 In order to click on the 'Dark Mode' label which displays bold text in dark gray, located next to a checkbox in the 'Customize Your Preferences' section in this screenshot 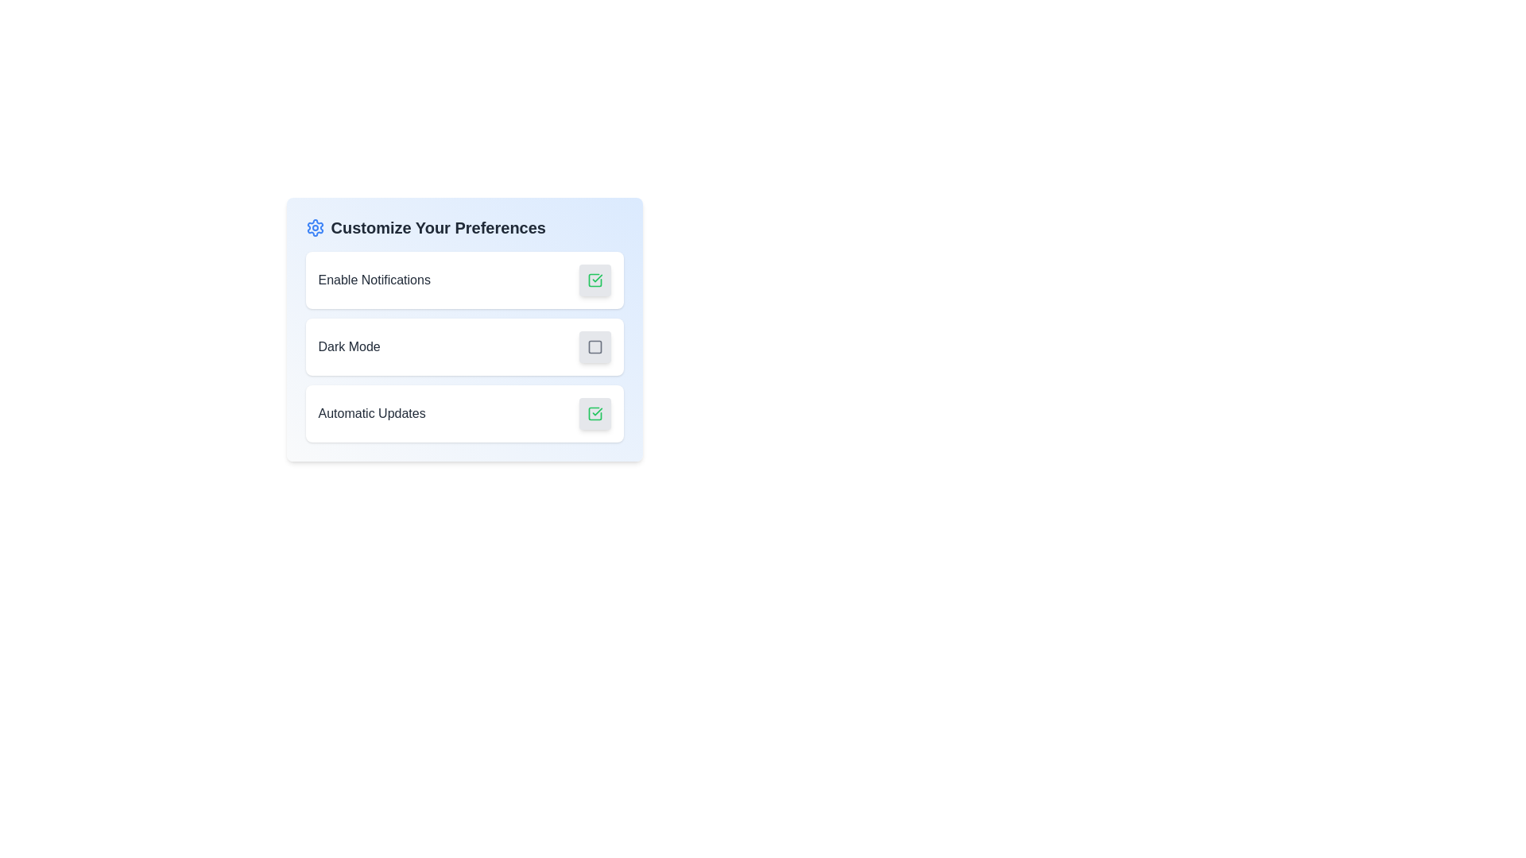, I will do `click(348, 346)`.